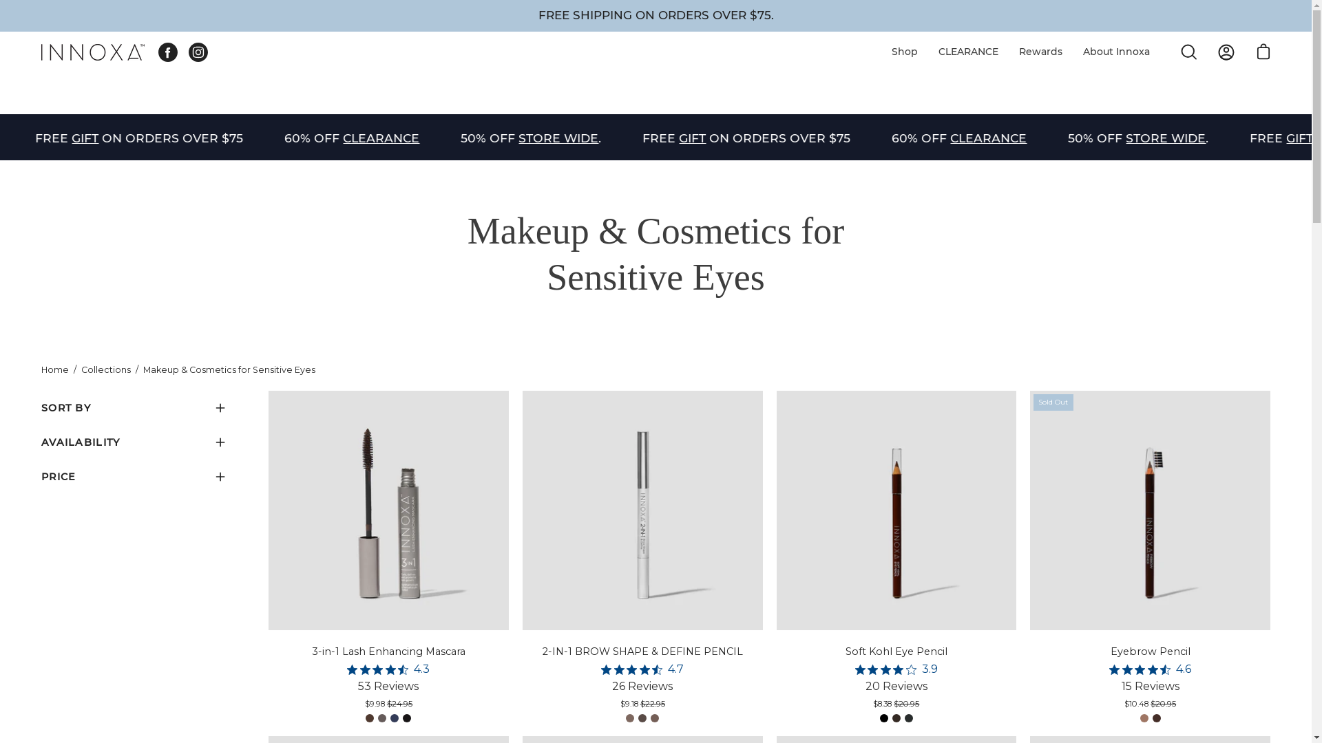 Image resolution: width=1322 pixels, height=743 pixels. I want to click on 'OPEN CART', so click(1263, 52).